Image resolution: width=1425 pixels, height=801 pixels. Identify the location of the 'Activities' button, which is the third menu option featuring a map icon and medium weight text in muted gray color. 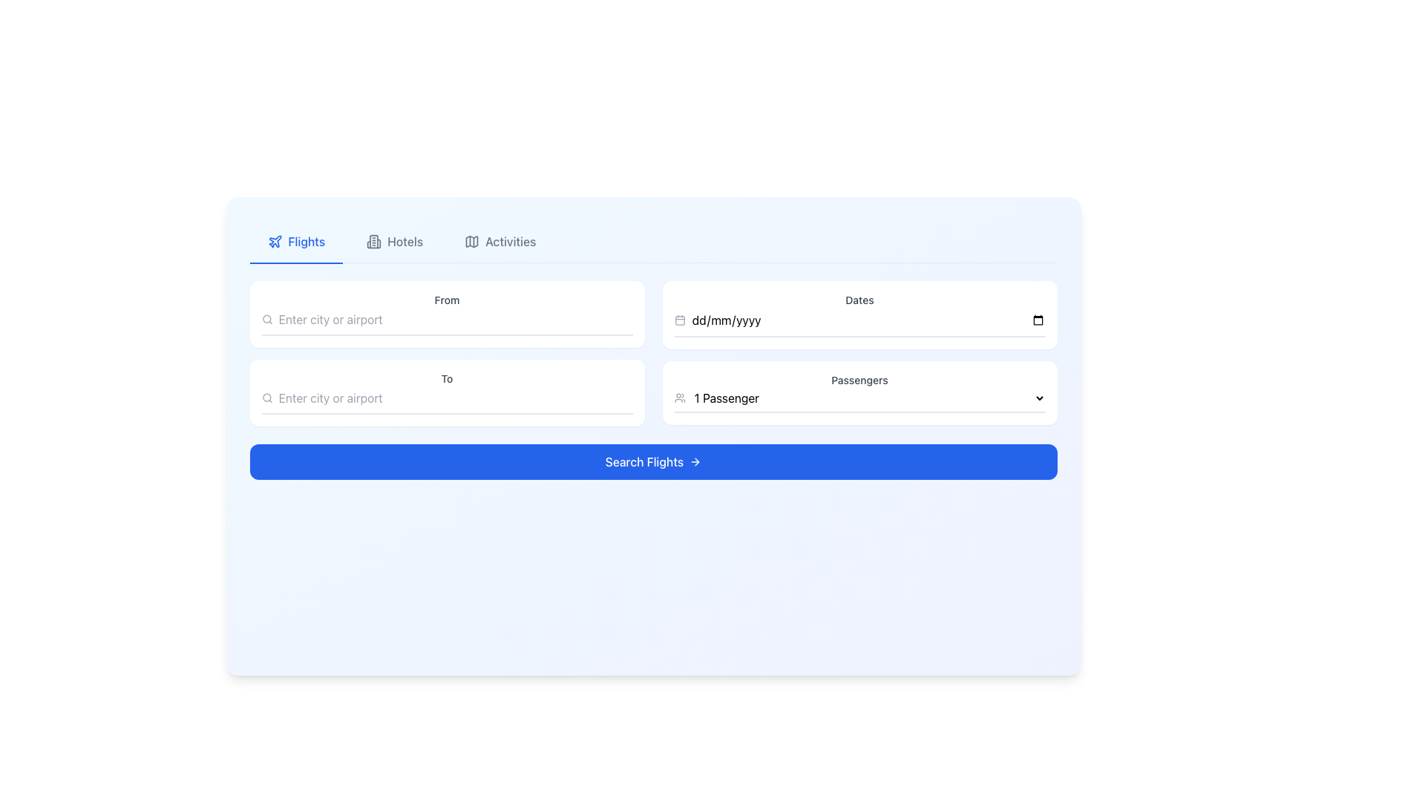
(500, 241).